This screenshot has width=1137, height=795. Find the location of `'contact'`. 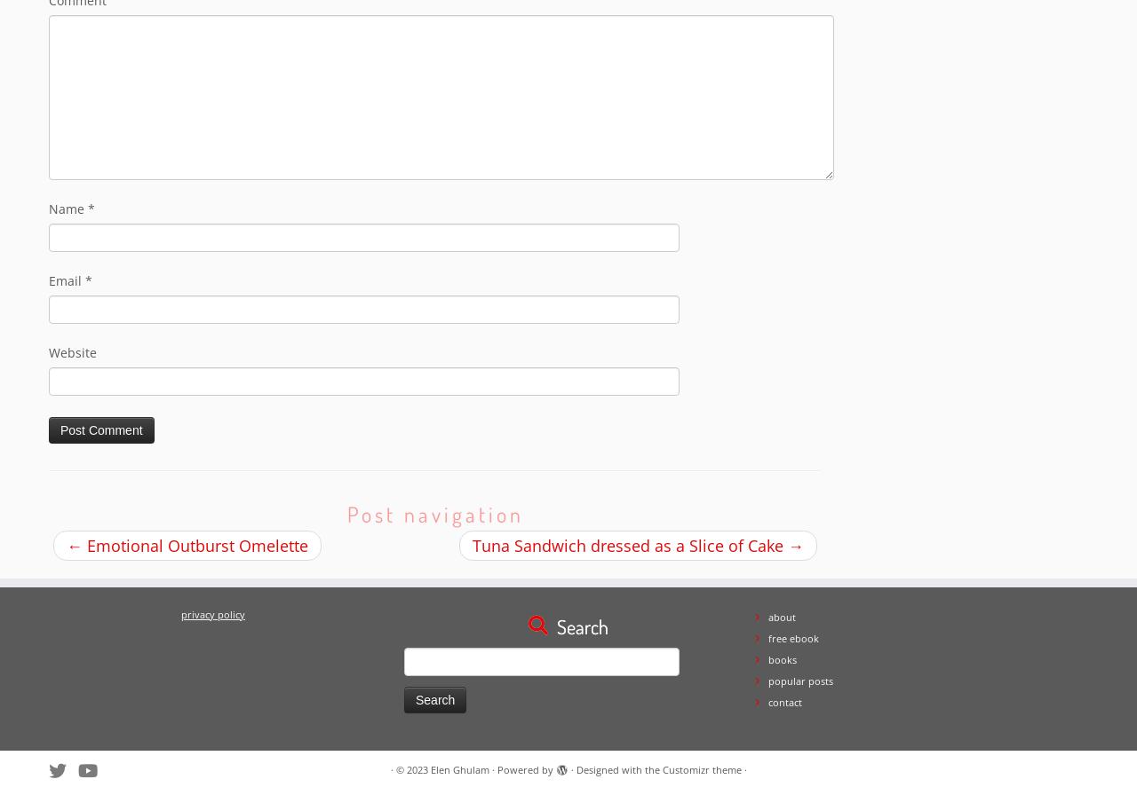

'contact' is located at coordinates (783, 701).